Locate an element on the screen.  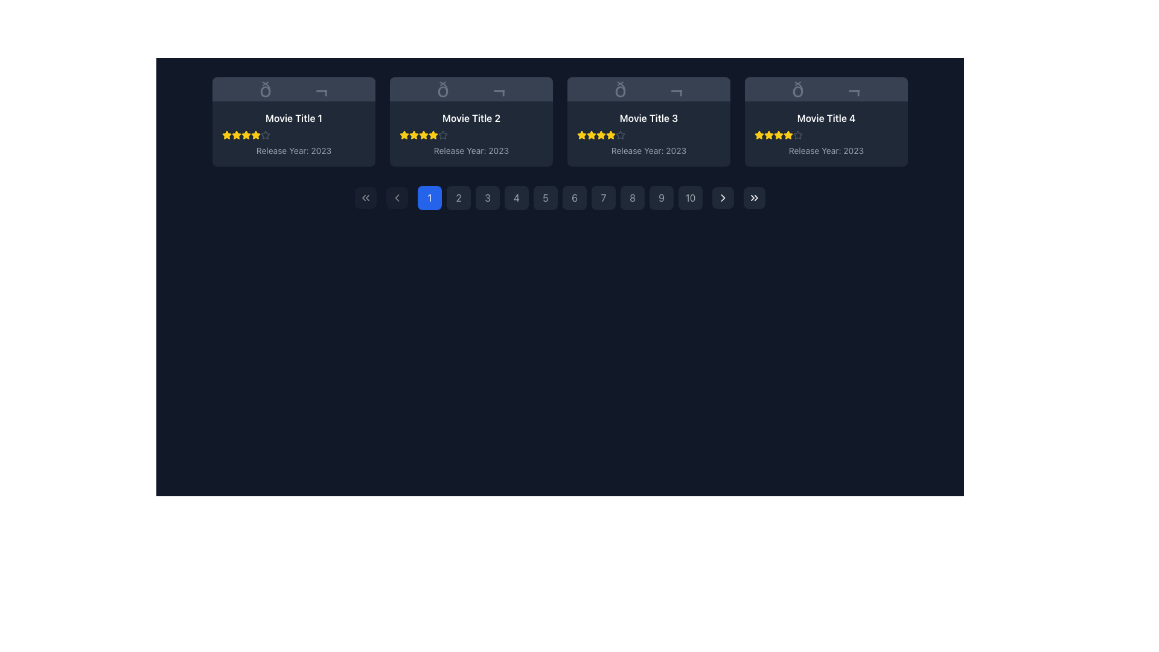
the first button from the left in the pagination section is located at coordinates (365, 197).